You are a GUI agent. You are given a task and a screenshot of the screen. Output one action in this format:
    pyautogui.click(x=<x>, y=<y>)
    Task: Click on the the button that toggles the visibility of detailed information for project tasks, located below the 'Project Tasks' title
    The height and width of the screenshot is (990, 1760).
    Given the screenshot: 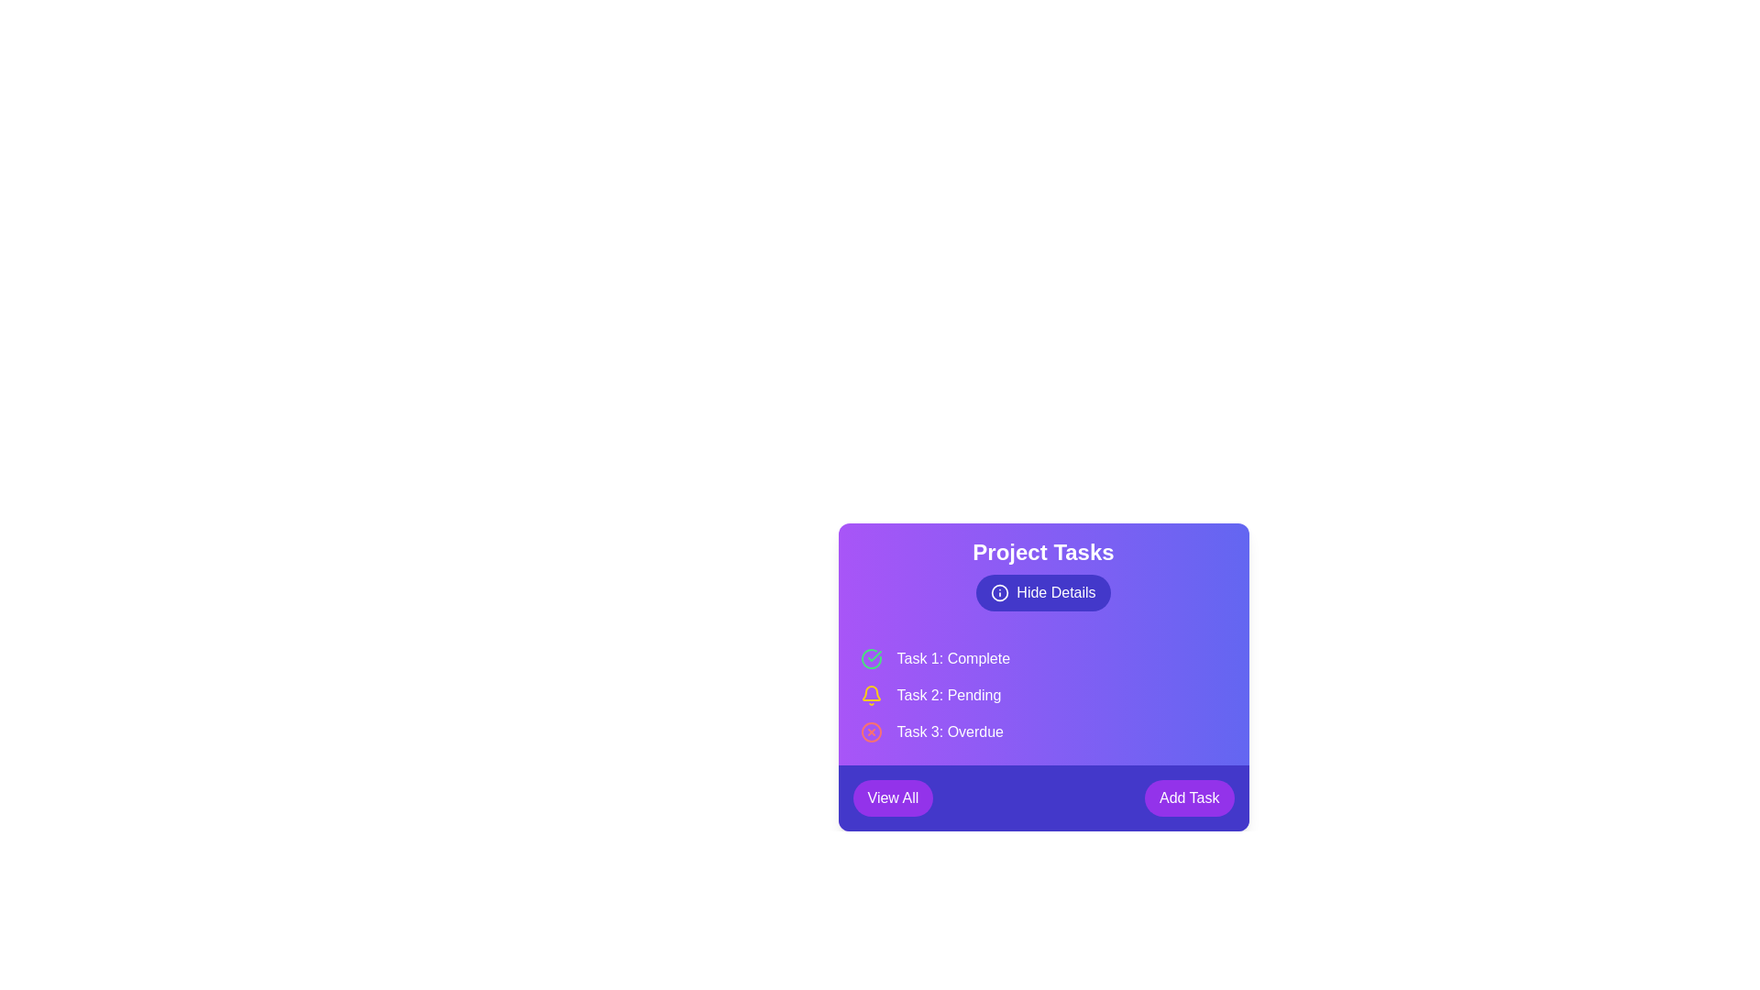 What is the action you would take?
    pyautogui.click(x=1042, y=593)
    